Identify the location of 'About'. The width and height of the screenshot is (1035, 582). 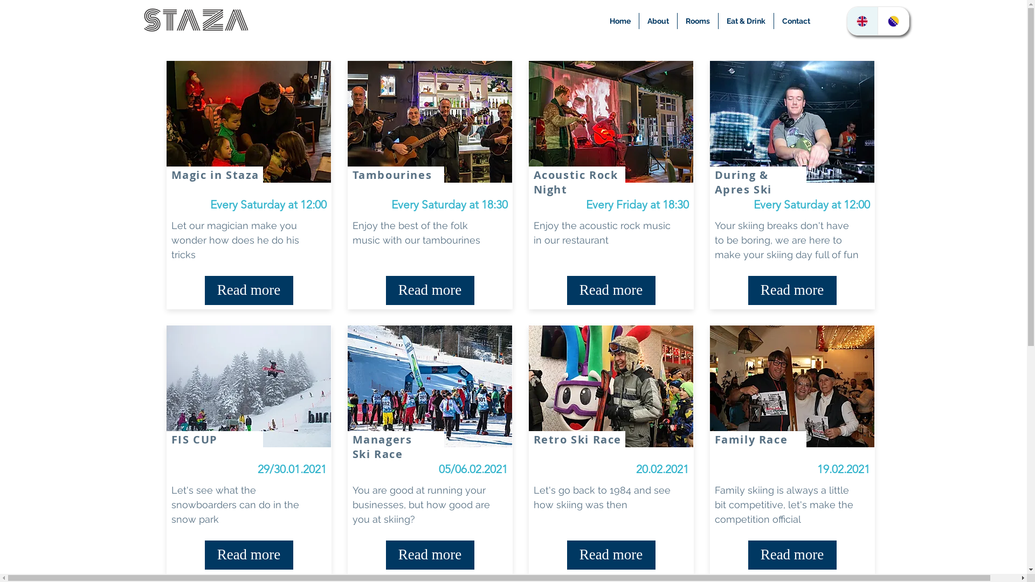
(657, 20).